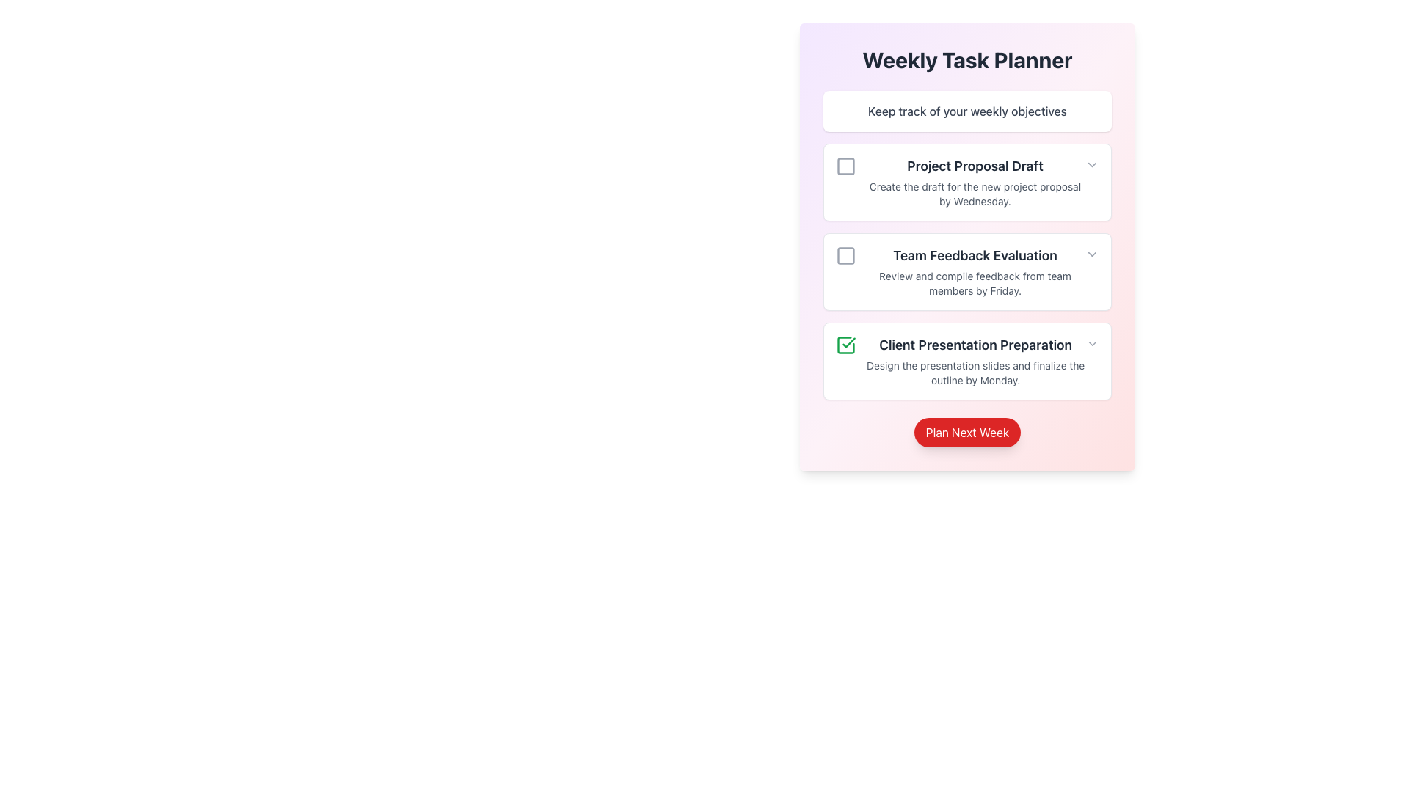  I want to click on the first task item in the 'Weekly Task Planner' that describes the task to draft a project proposal by Wednesday, so click(975, 182).